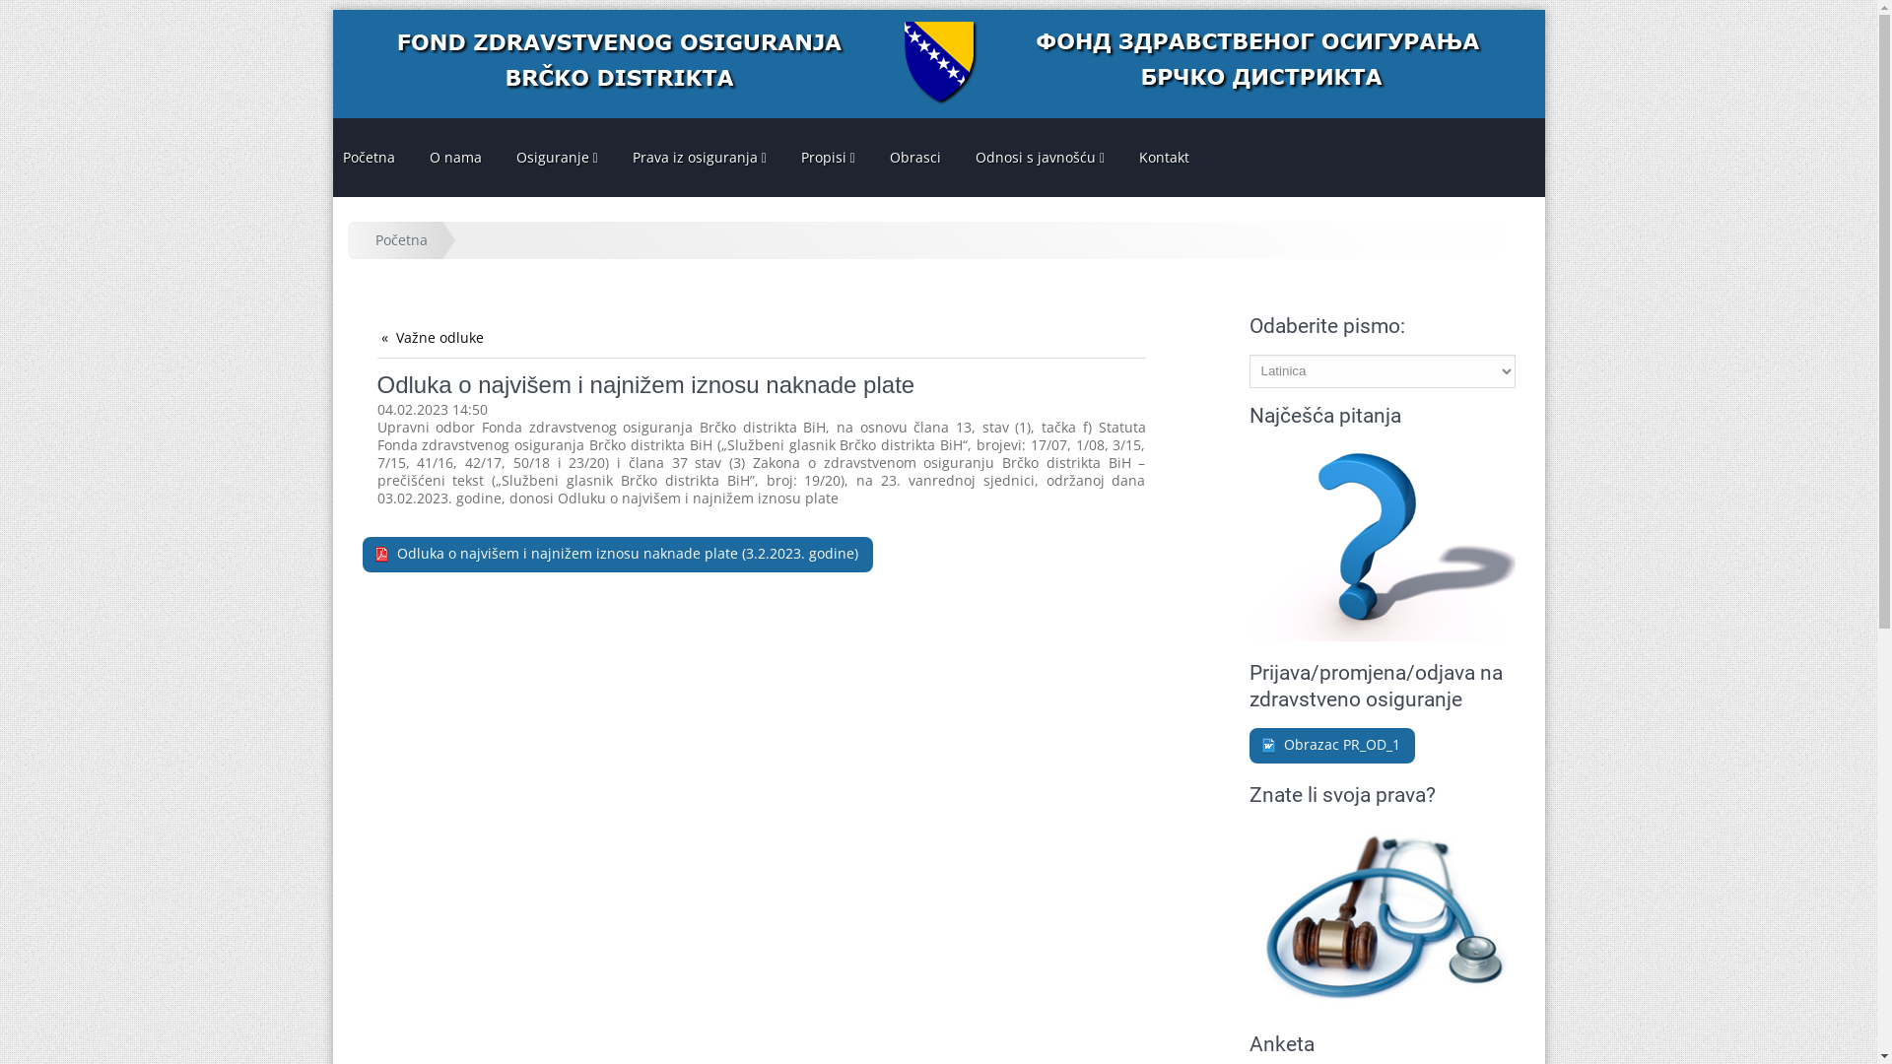 The image size is (1892, 1064). Describe the element at coordinates (454, 156) in the screenshot. I see `'O nama'` at that location.